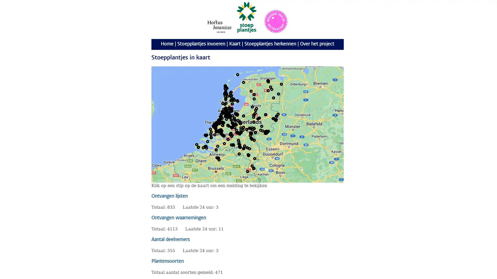 The height and width of the screenshot is (279, 497). Describe the element at coordinates (228, 113) in the screenshot. I see `Telling van famke op 21 april 2022` at that location.